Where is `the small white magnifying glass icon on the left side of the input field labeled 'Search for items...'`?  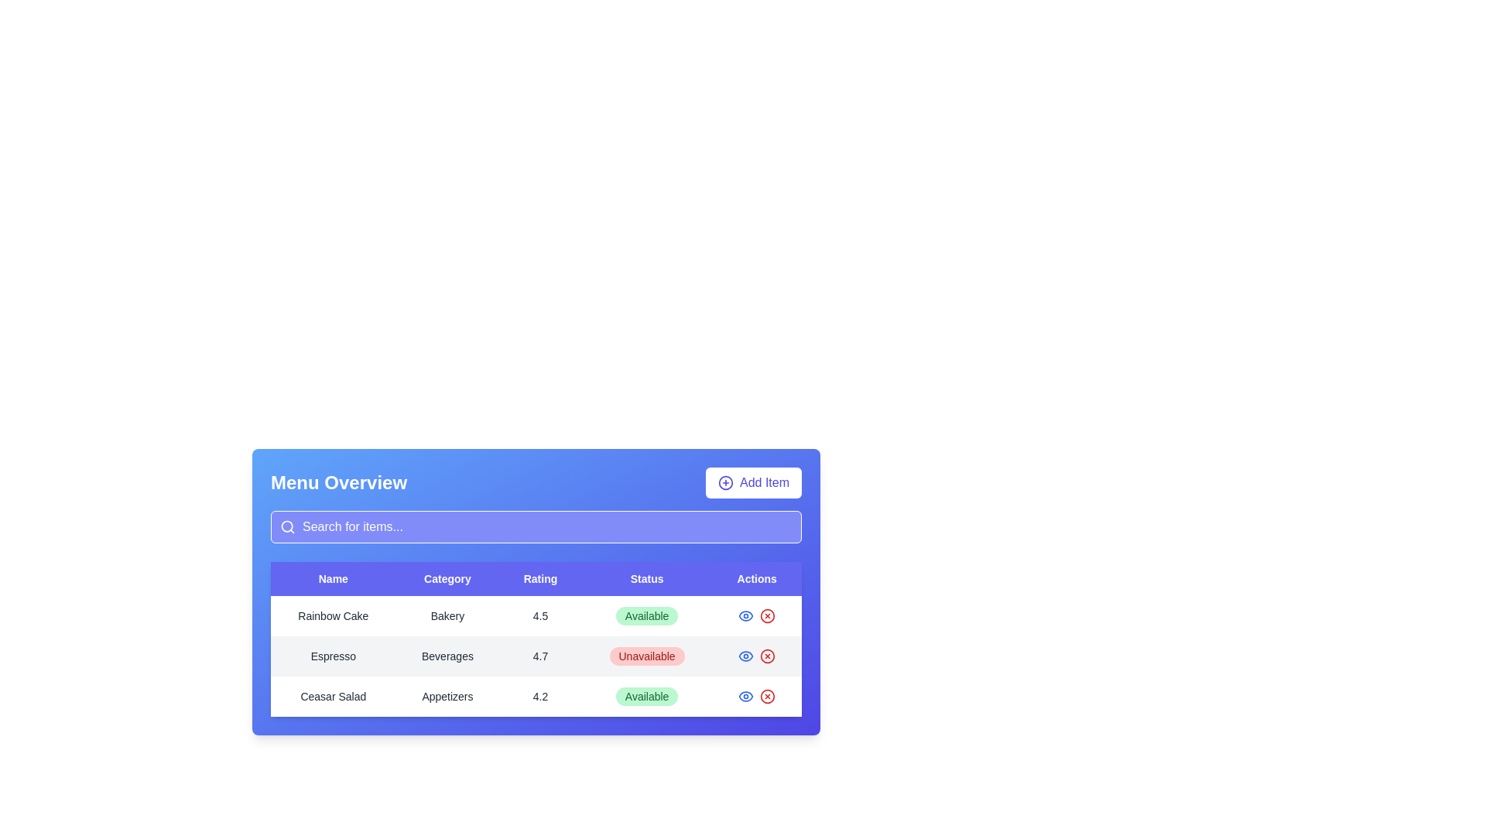 the small white magnifying glass icon on the left side of the input field labeled 'Search for items...' is located at coordinates (282, 526).